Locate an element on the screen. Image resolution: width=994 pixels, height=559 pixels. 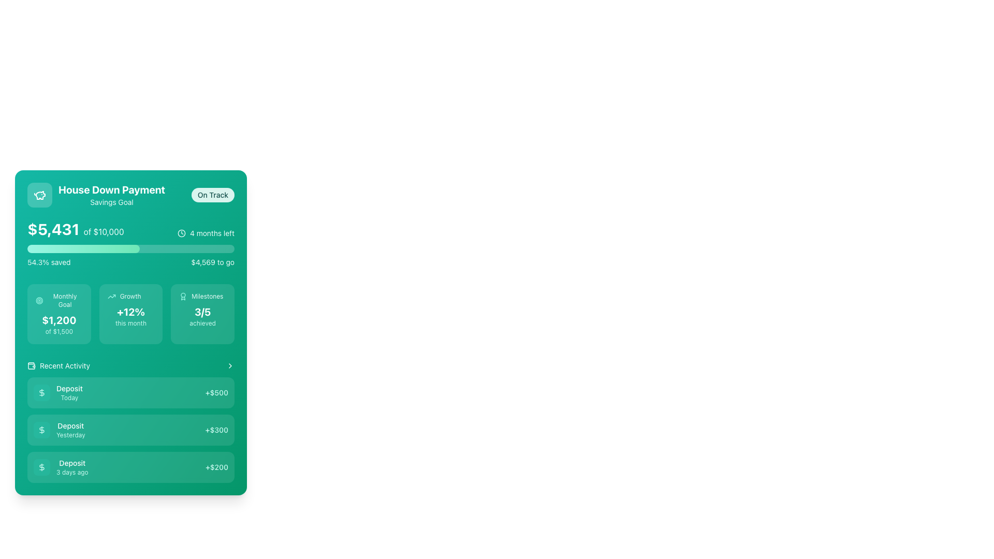
the informational text label located at the bottom right section of the main card layout, which provides context for the milestone-related statistics is located at coordinates (207, 297).